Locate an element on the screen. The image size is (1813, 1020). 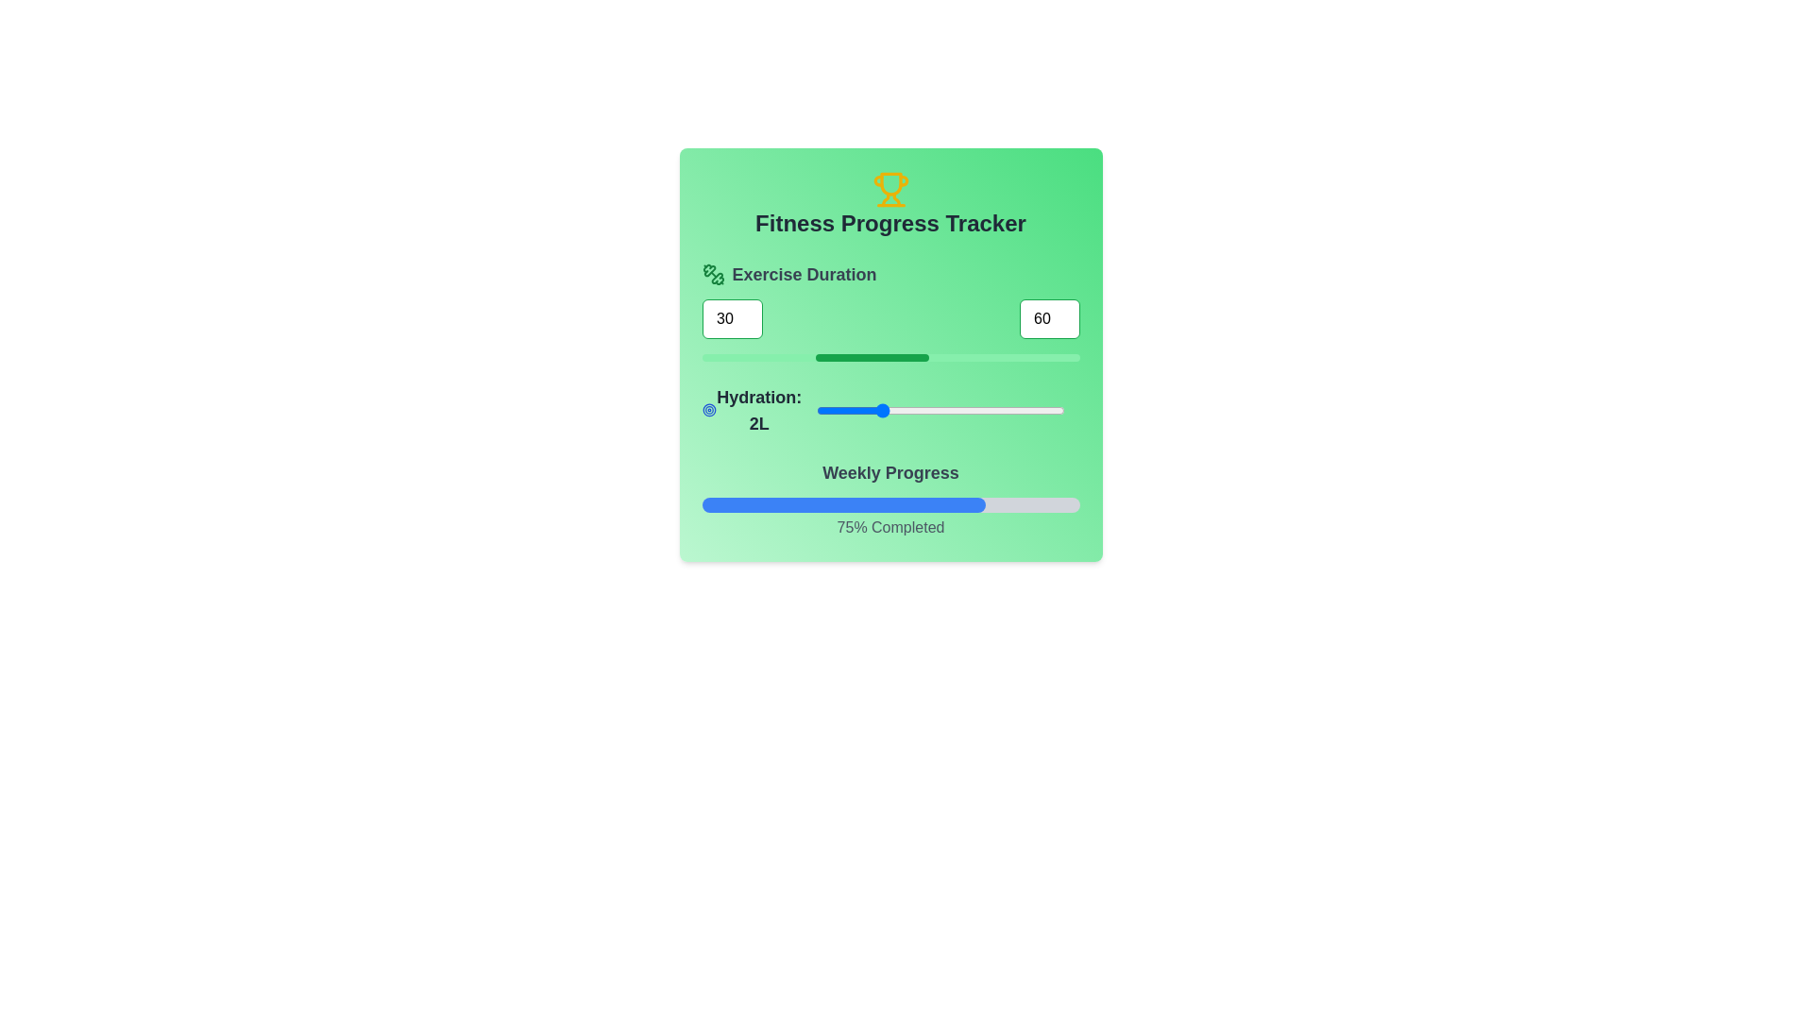
the hydration level is located at coordinates (817, 410).